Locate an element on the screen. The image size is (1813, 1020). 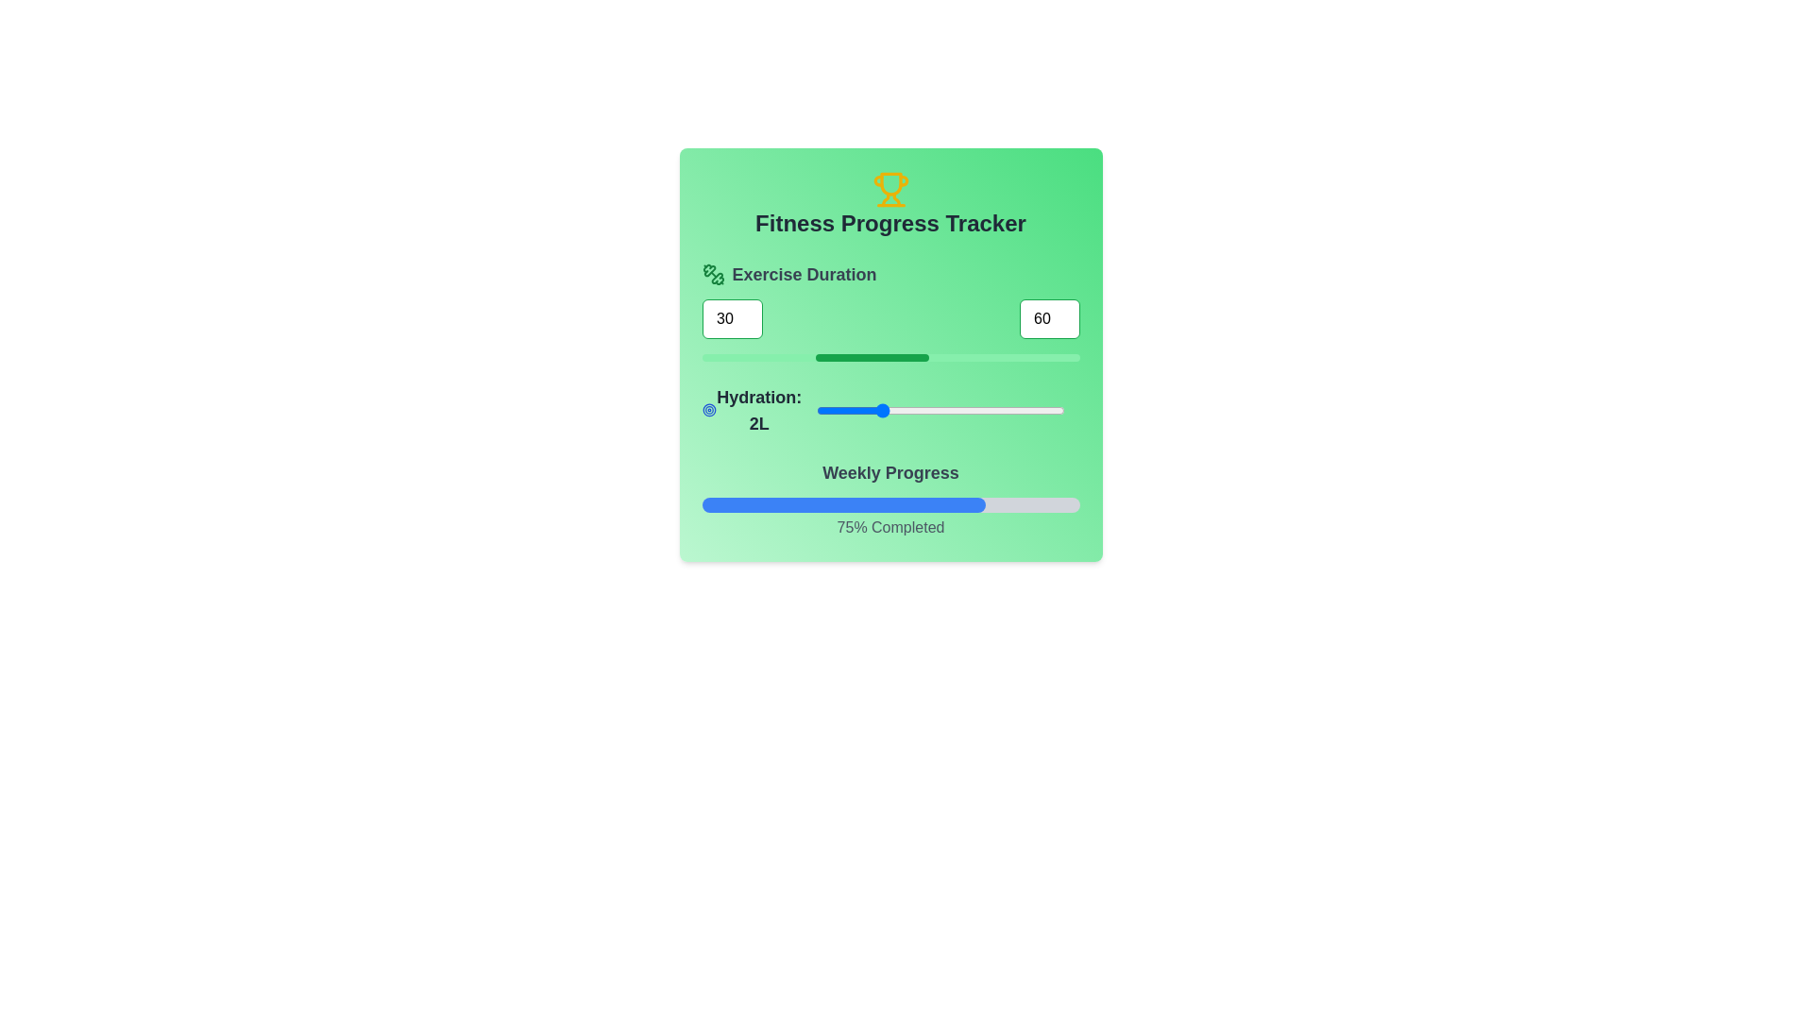
the hydration level is located at coordinates (817, 410).